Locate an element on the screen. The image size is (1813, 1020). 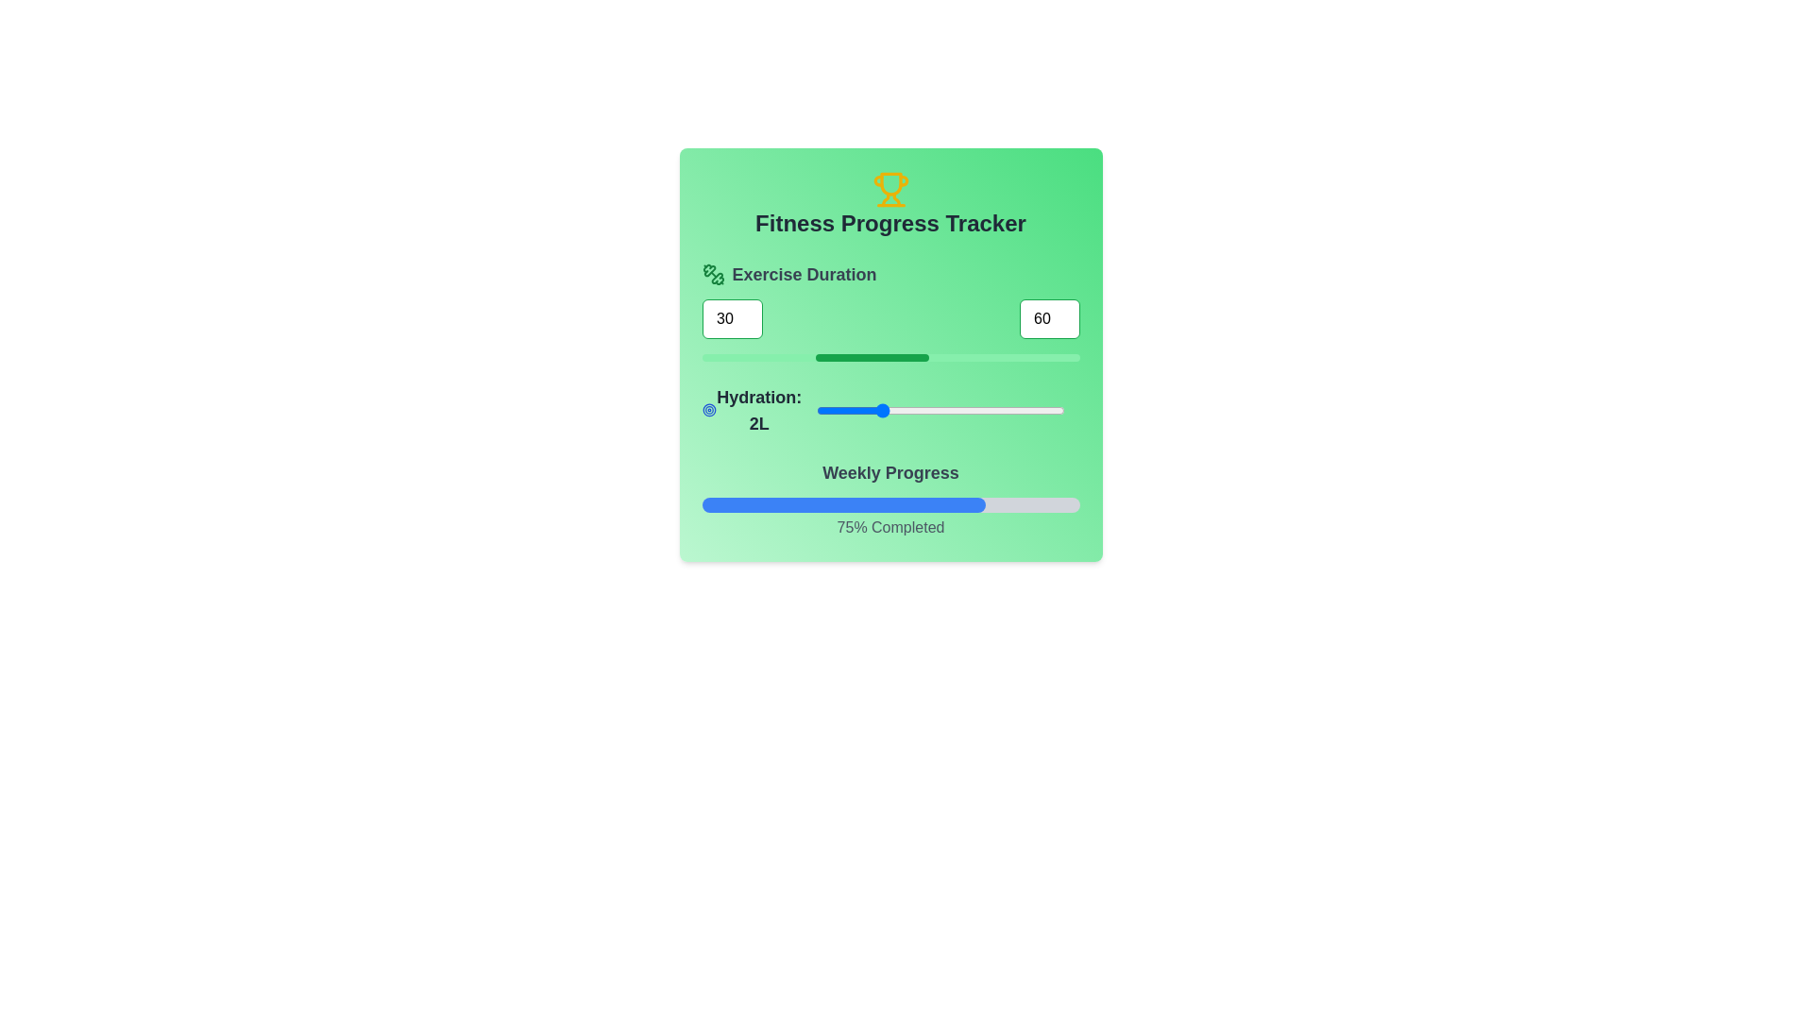
the hydration level is located at coordinates (817, 410).